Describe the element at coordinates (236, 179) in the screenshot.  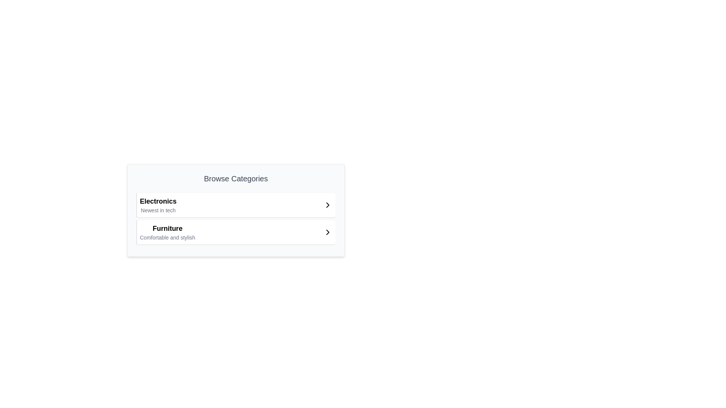
I see `the static text header displaying 'Browse Categories', which is styled with a larger font size and medium weight, located at the top of the category browsing section` at that location.